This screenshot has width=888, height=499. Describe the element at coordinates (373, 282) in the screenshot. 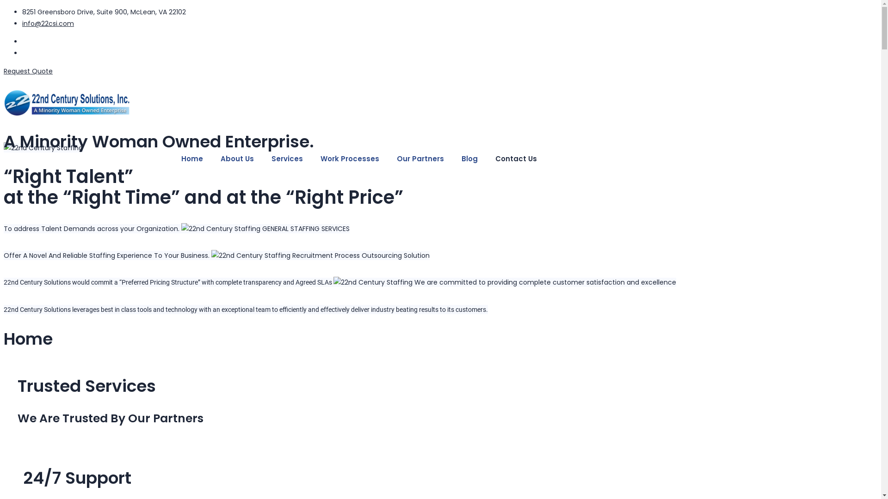

I see `'22nd Century Staffing'` at that location.